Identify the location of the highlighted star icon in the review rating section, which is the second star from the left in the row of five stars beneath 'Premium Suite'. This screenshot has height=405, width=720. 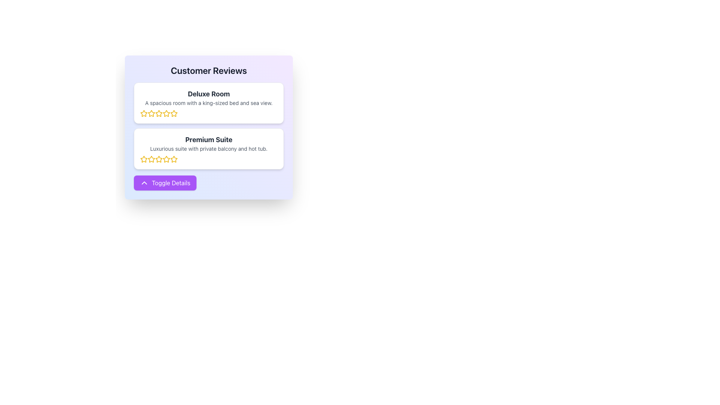
(144, 159).